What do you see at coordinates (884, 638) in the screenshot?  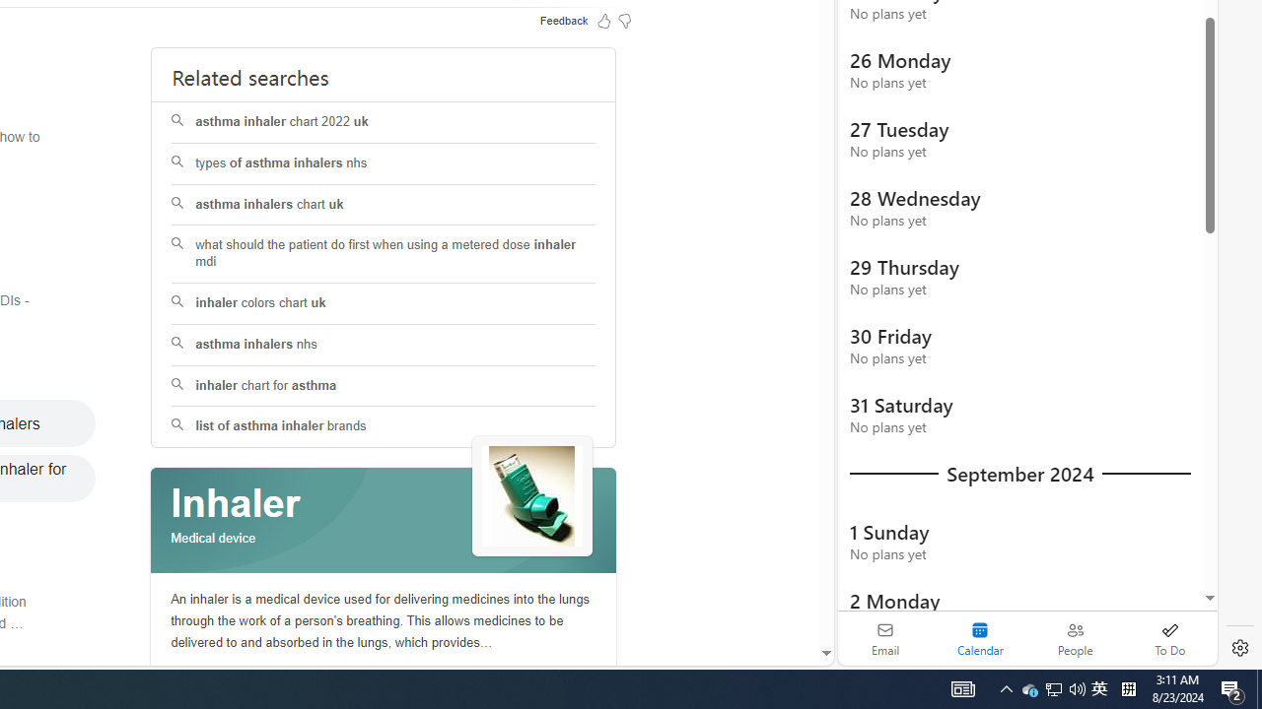 I see `'Email'` at bounding box center [884, 638].